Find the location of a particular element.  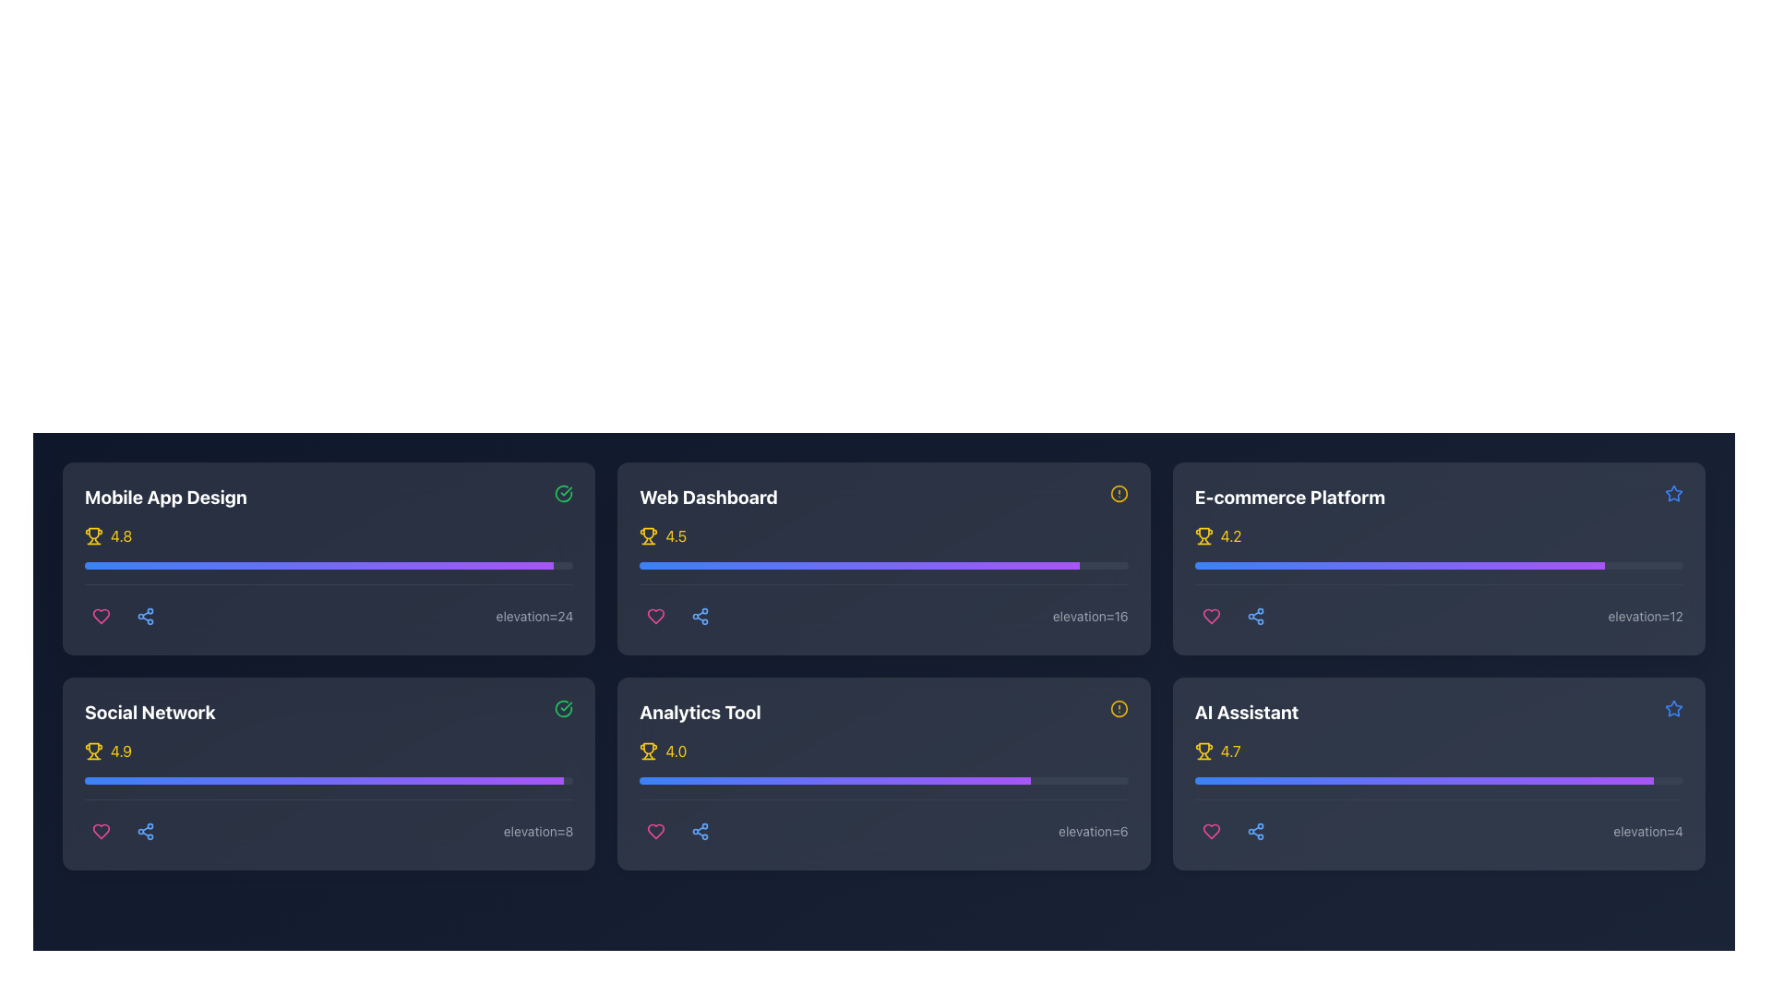

the Rating display element, which is part of the 'AI Assistant' card located in the lower-right corner of the grid layout, positioned at the top-left corner under the title is located at coordinates (1438, 751).